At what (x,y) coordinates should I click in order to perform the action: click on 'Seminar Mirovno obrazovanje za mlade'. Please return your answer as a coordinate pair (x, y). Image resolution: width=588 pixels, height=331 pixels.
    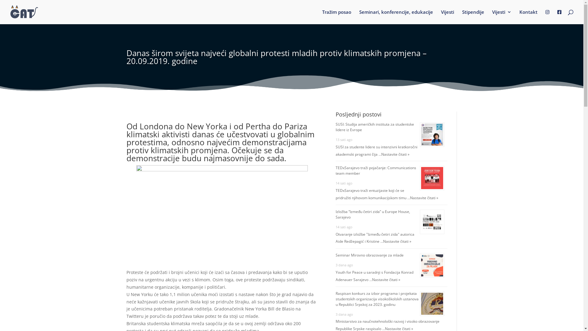
    Looking at the image, I should click on (369, 255).